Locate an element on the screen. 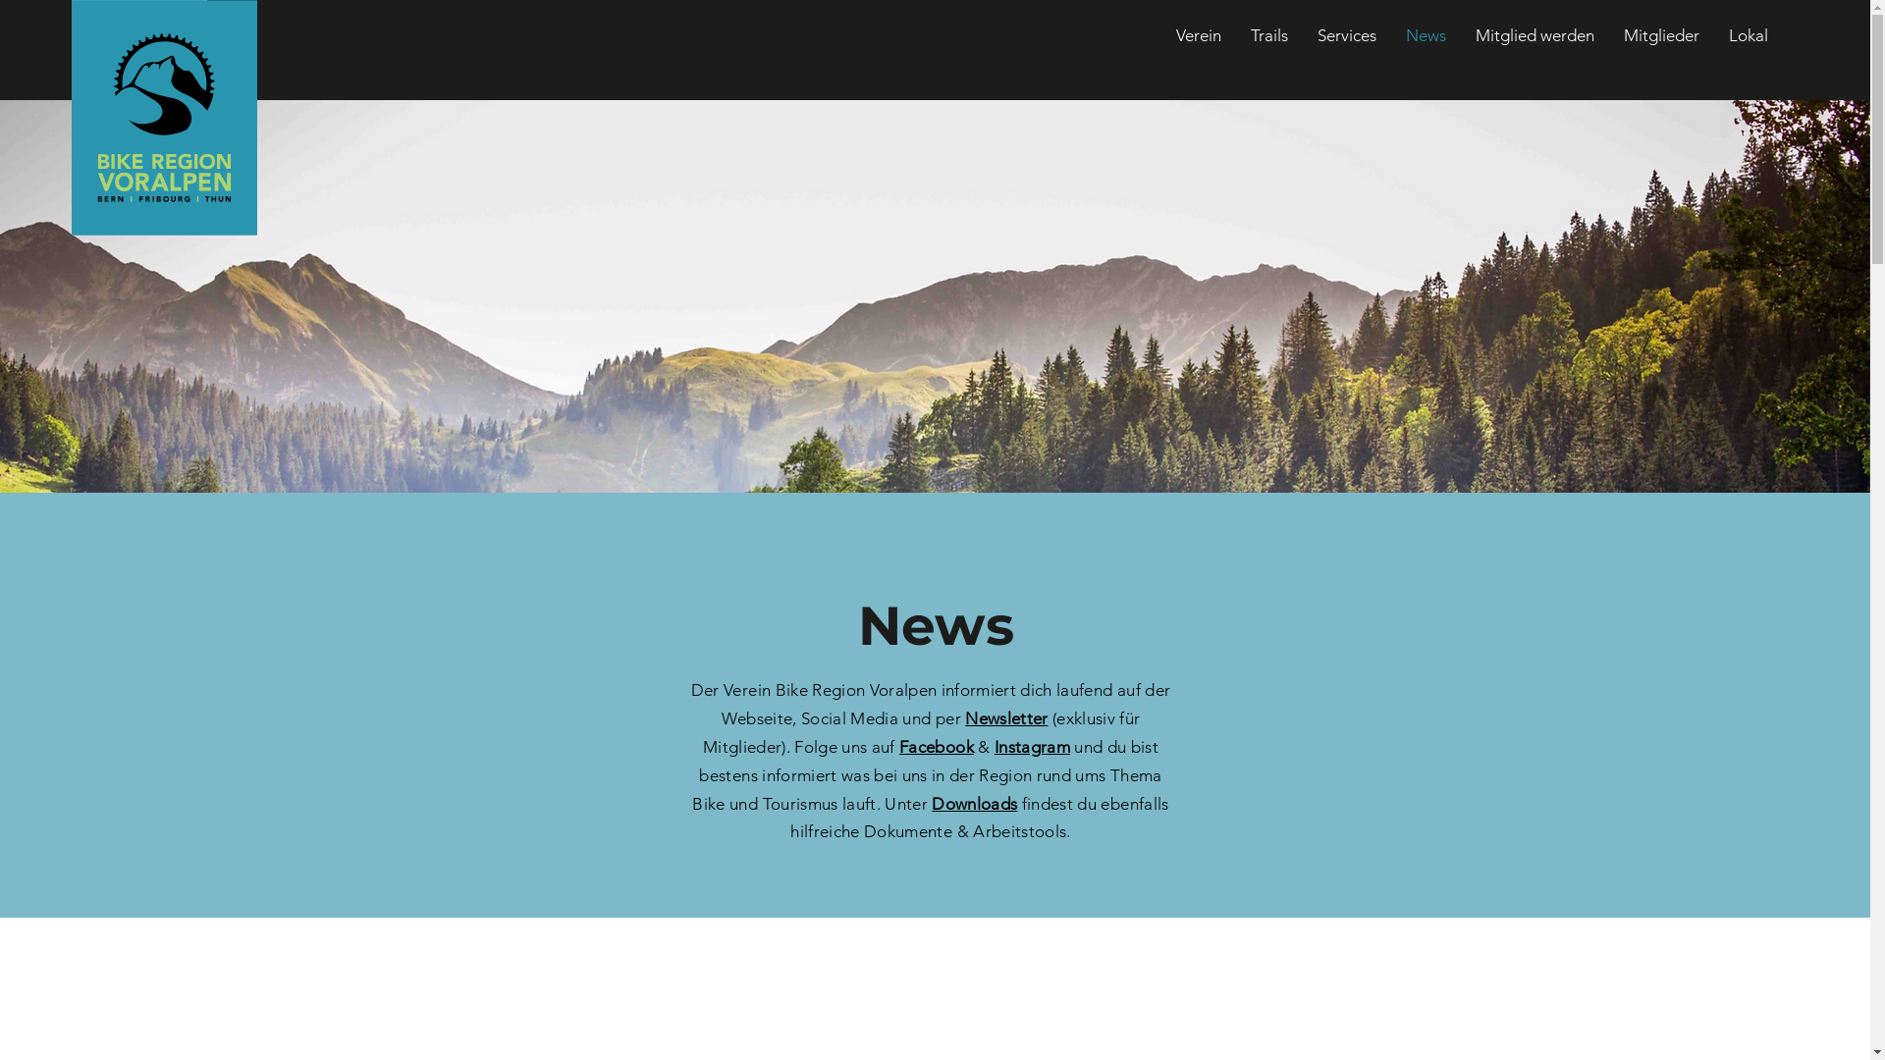  'Newsletter' is located at coordinates (1006, 718).